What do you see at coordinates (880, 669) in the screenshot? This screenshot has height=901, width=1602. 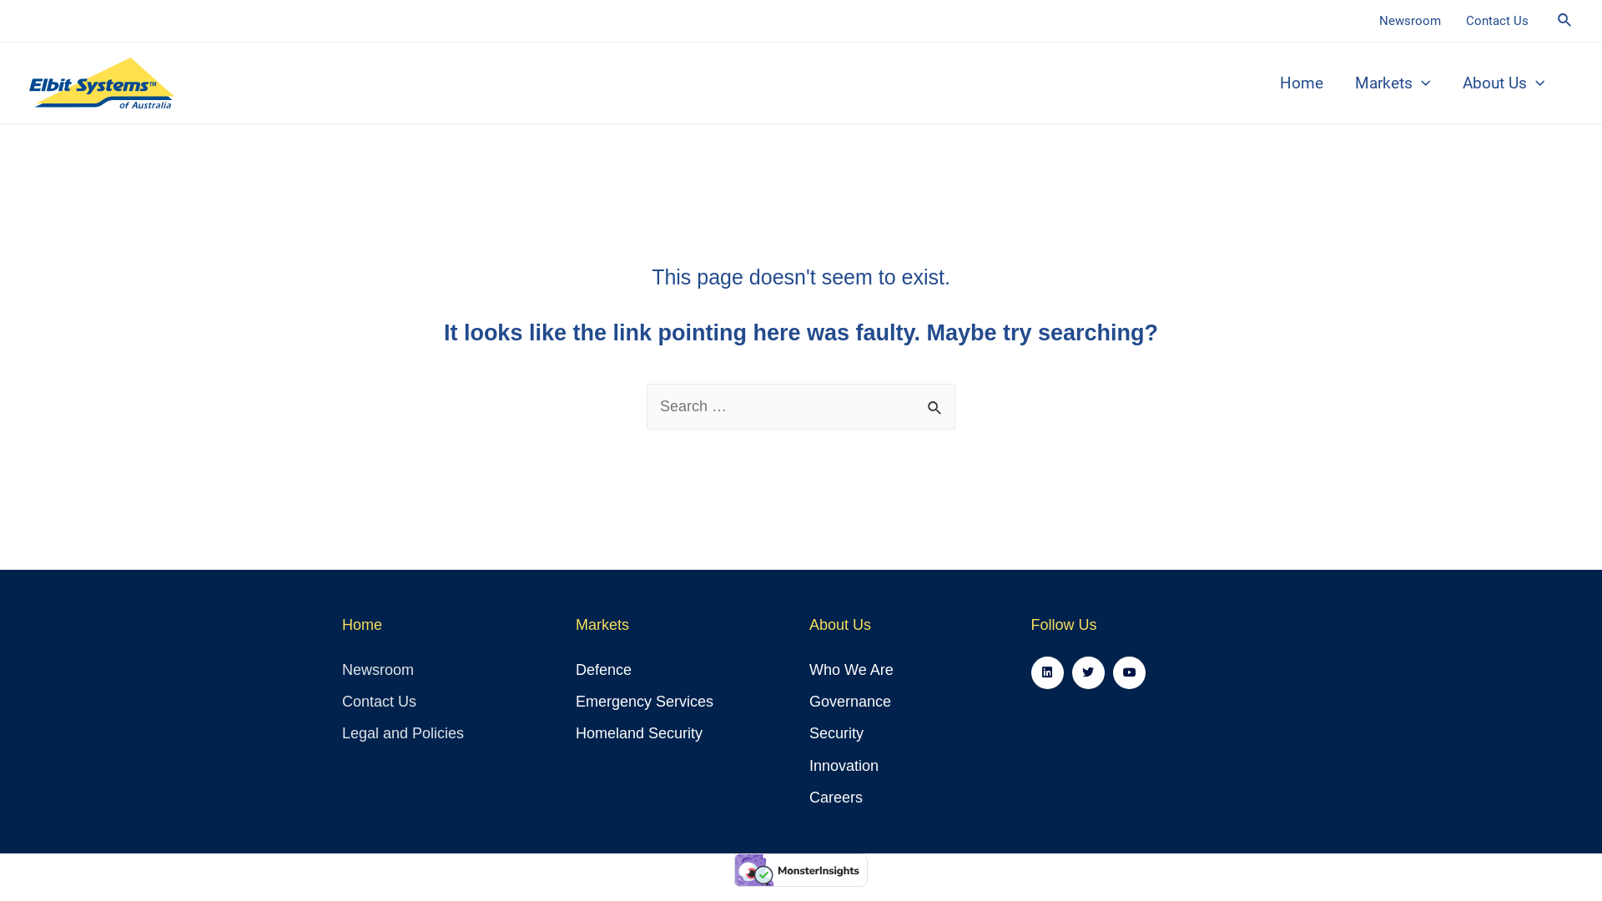 I see `'Who We Are'` at bounding box center [880, 669].